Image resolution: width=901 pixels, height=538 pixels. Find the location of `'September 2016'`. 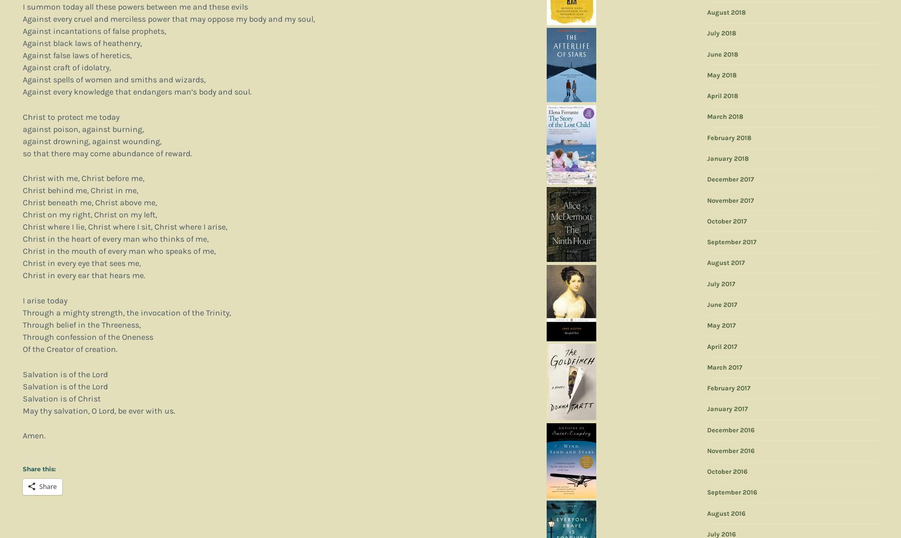

'September 2016' is located at coordinates (731, 492).